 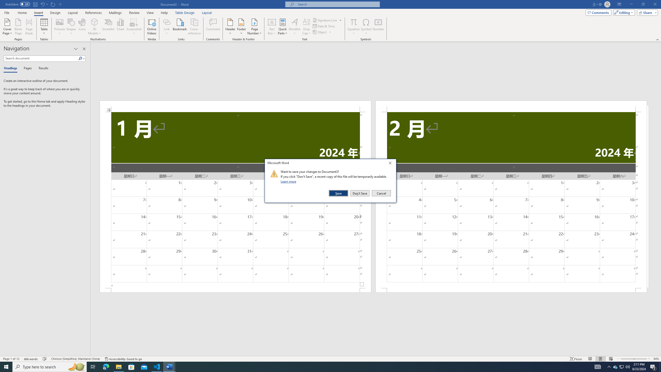 What do you see at coordinates (53, 4) in the screenshot?
I see `'Repeat Doc Close'` at bounding box center [53, 4].